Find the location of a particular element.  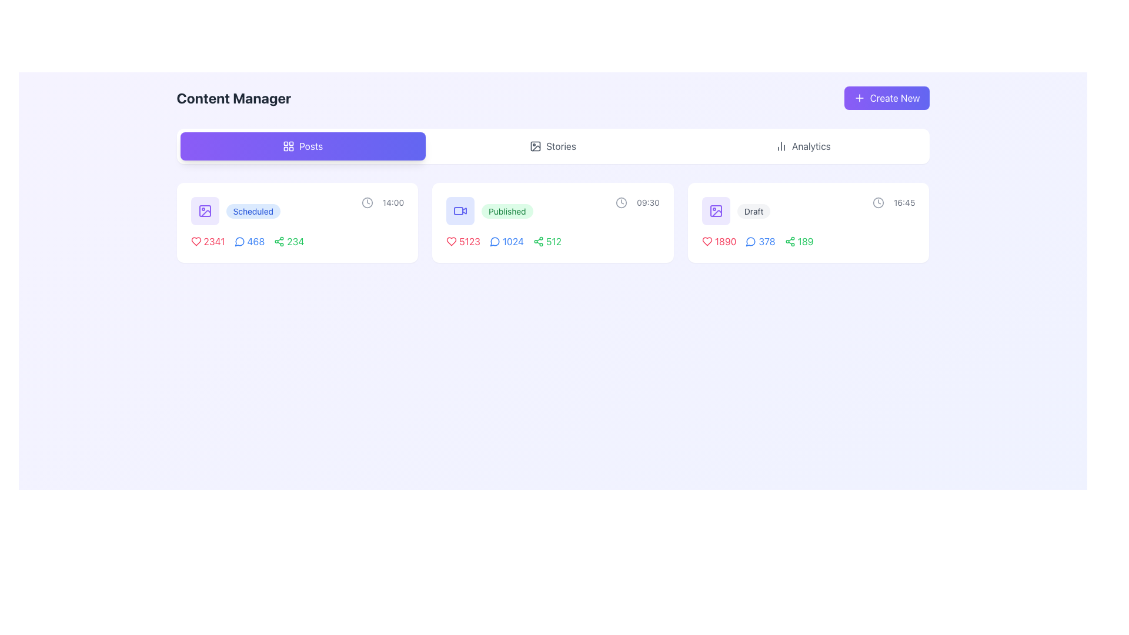

the green sharing node icon located to the left of the text '189' within the 'Draft' entry is located at coordinates (790, 241).